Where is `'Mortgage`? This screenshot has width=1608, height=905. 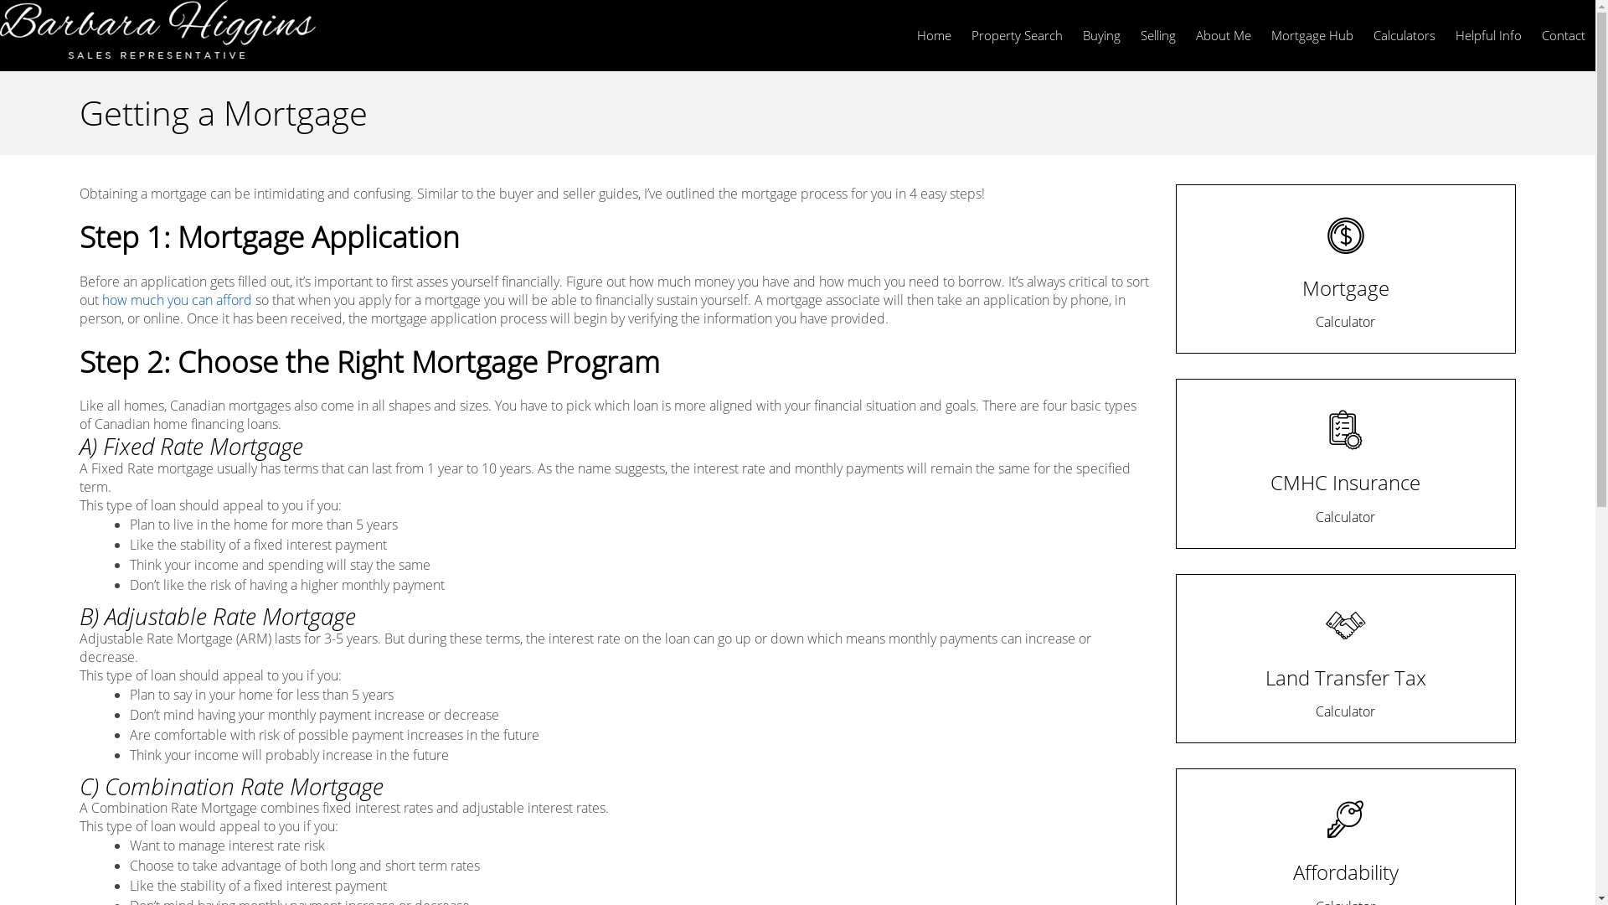
'Mortgage is located at coordinates (1346, 267).